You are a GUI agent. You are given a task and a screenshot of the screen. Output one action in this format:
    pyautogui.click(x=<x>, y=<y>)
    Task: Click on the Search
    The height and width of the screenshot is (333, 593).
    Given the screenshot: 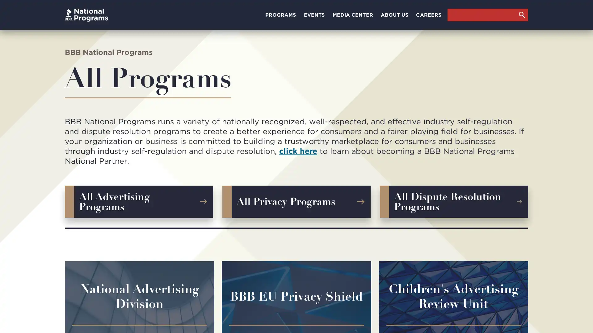 What is the action you would take?
    pyautogui.click(x=521, y=14)
    